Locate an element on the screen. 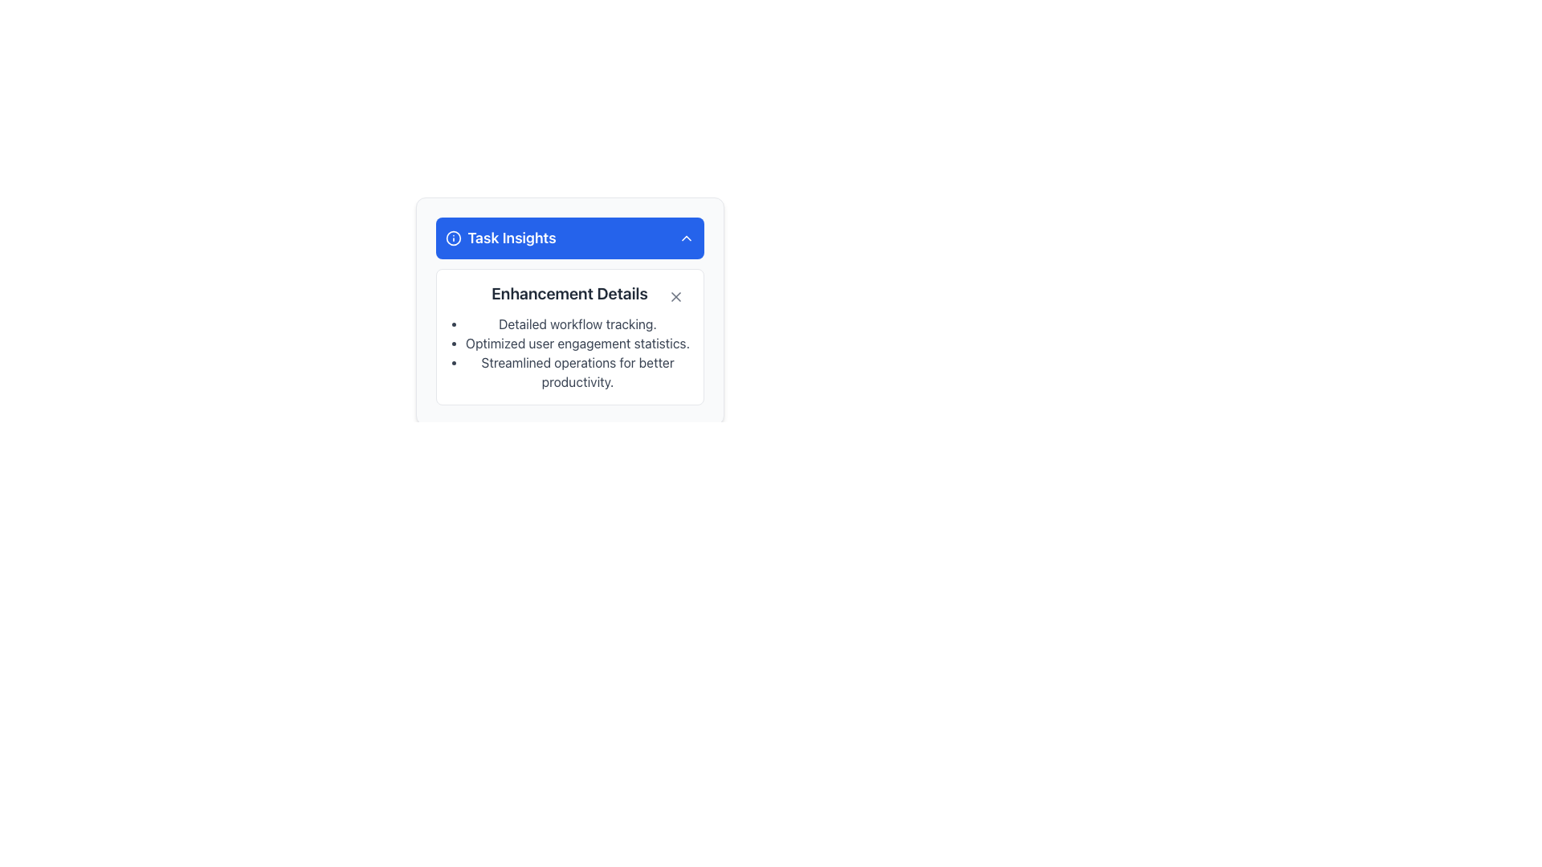 The height and width of the screenshot is (867, 1542). second bullet point text under the 'Enhancement Details' section in the 'Task Insights' area, which provides information about optimized user engagement statistics is located at coordinates (577, 343).